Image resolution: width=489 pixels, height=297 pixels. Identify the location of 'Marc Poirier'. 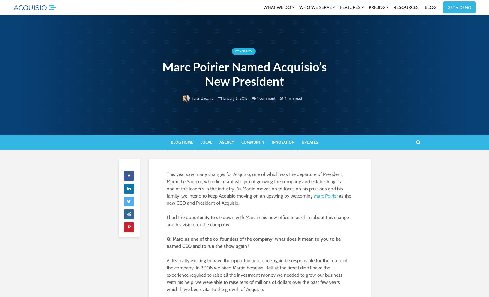
(325, 195).